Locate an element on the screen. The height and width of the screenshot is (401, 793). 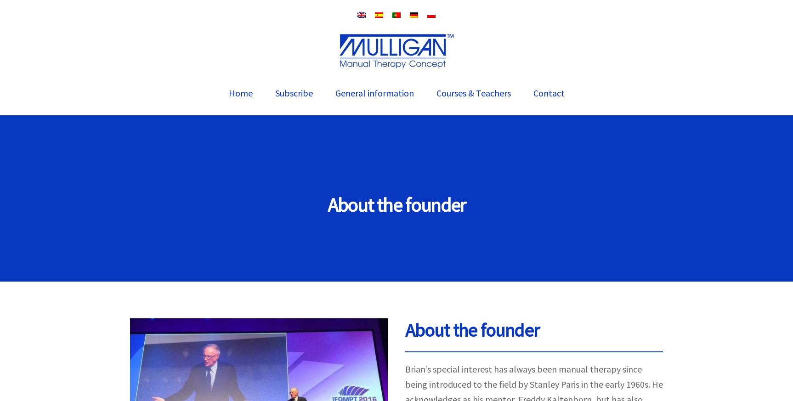
'Brian’s favorite quote has always been Louis Pasteur’s; “In the field of discovery chance only favours the prepared mind”' is located at coordinates (532, 13).